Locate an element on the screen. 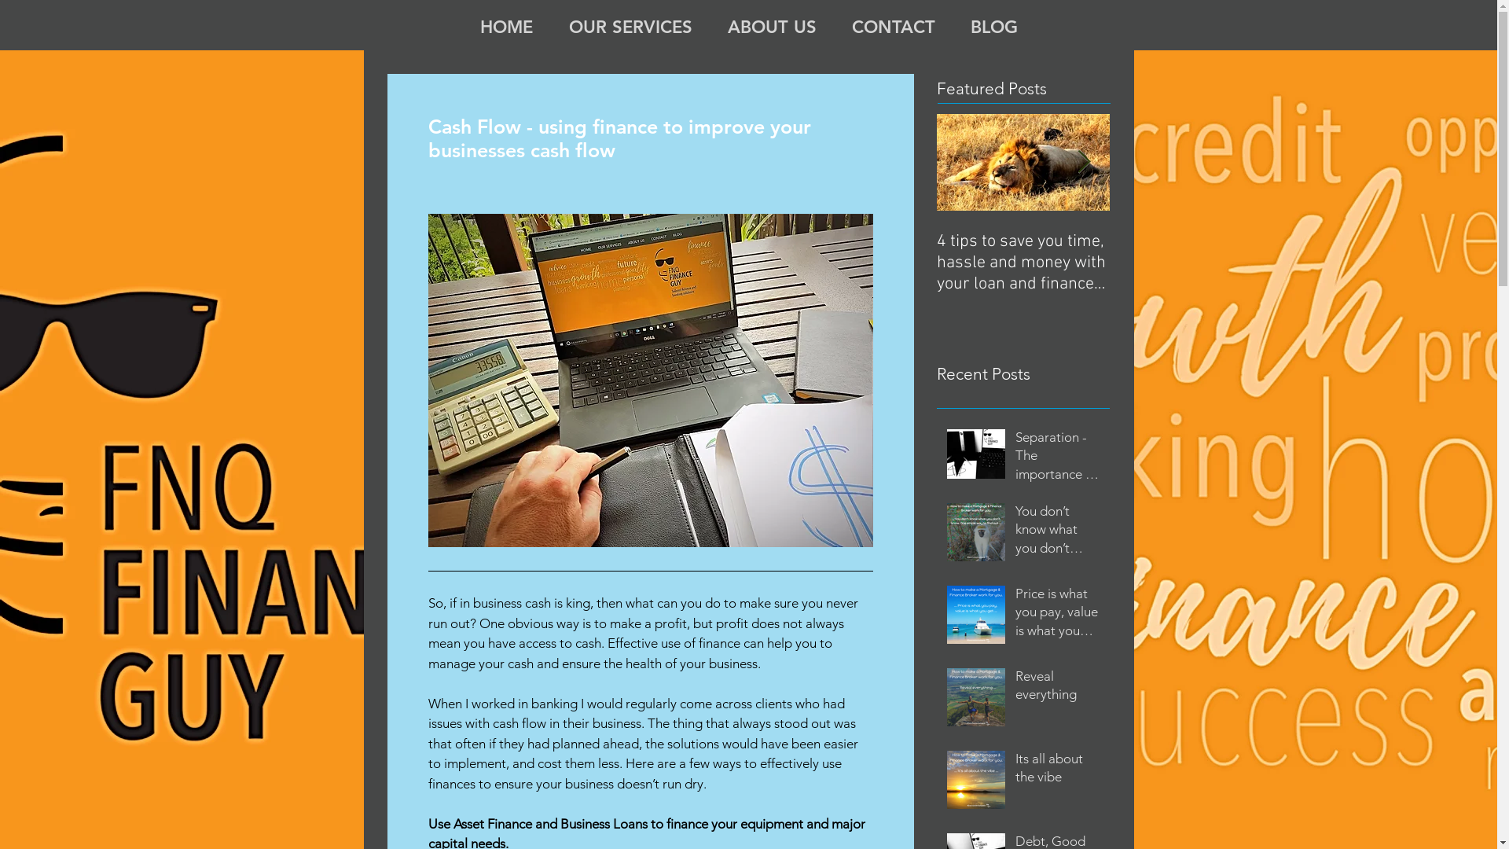 The width and height of the screenshot is (1509, 849). 'ABOUT US' is located at coordinates (773, 24).